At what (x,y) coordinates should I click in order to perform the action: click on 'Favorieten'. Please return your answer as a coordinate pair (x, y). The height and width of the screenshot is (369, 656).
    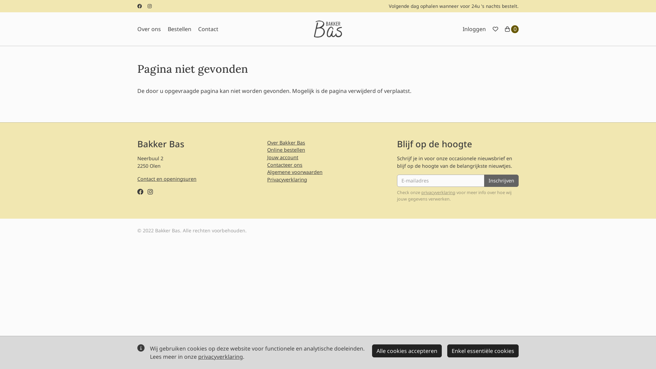
    Looking at the image, I should click on (495, 28).